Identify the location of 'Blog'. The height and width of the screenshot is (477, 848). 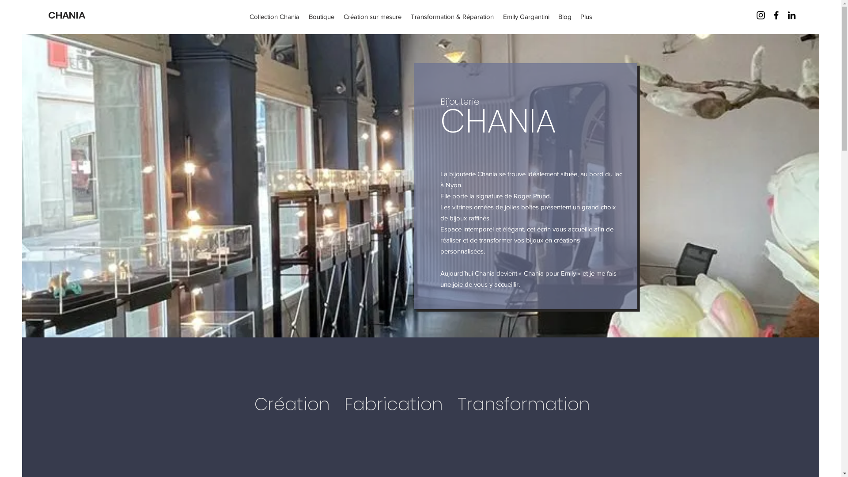
(564, 16).